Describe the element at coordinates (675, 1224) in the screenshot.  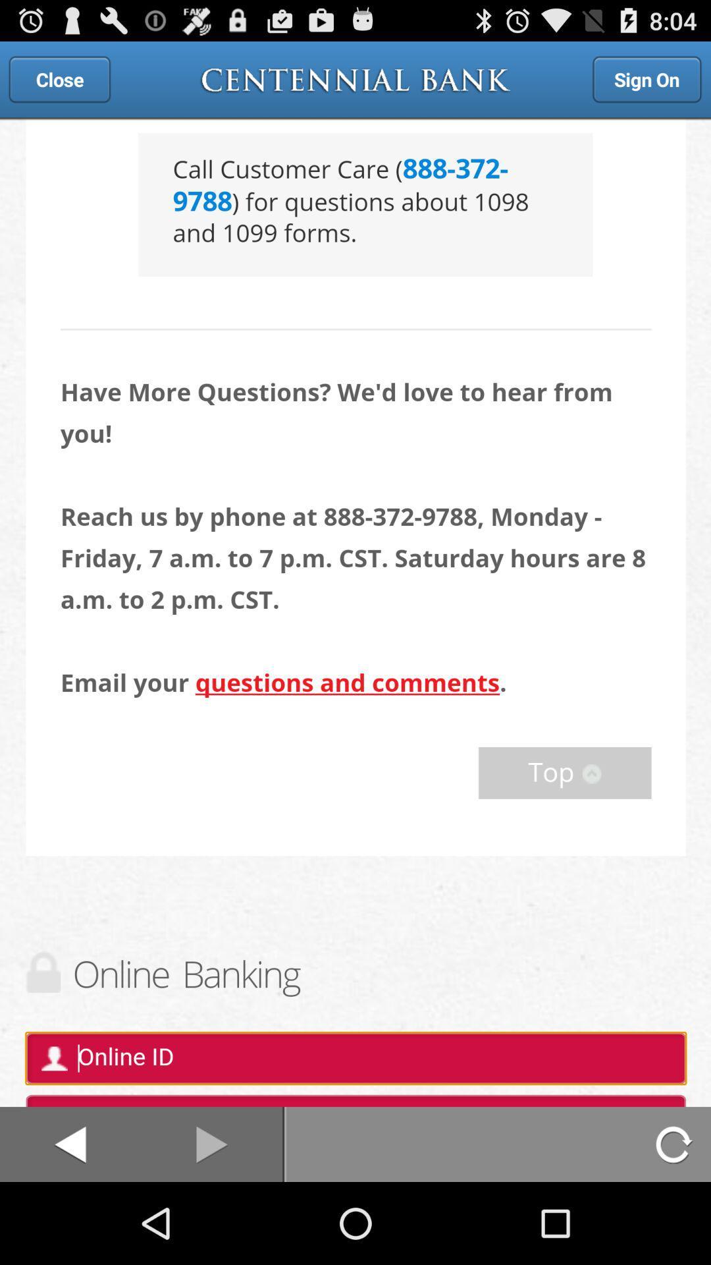
I see `the refresh icon` at that location.